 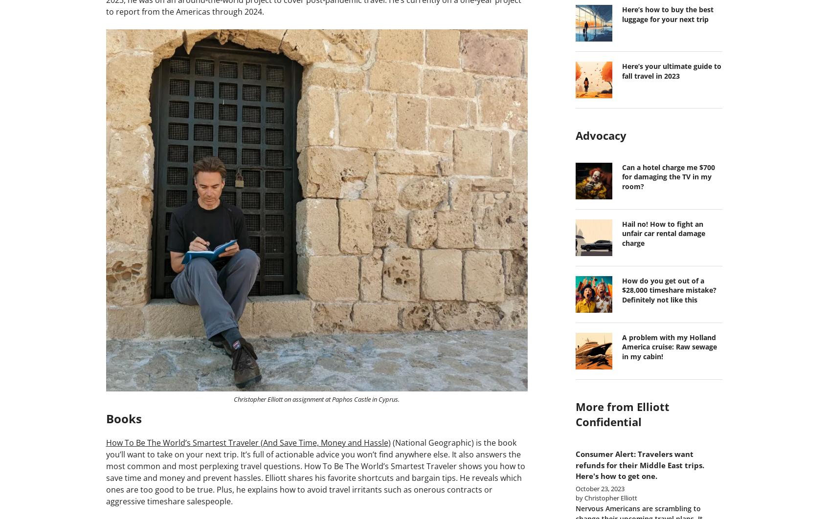 I want to click on 'Christopher Elliott on assignment at Paphos Castle in Cyprus.', so click(x=233, y=398).